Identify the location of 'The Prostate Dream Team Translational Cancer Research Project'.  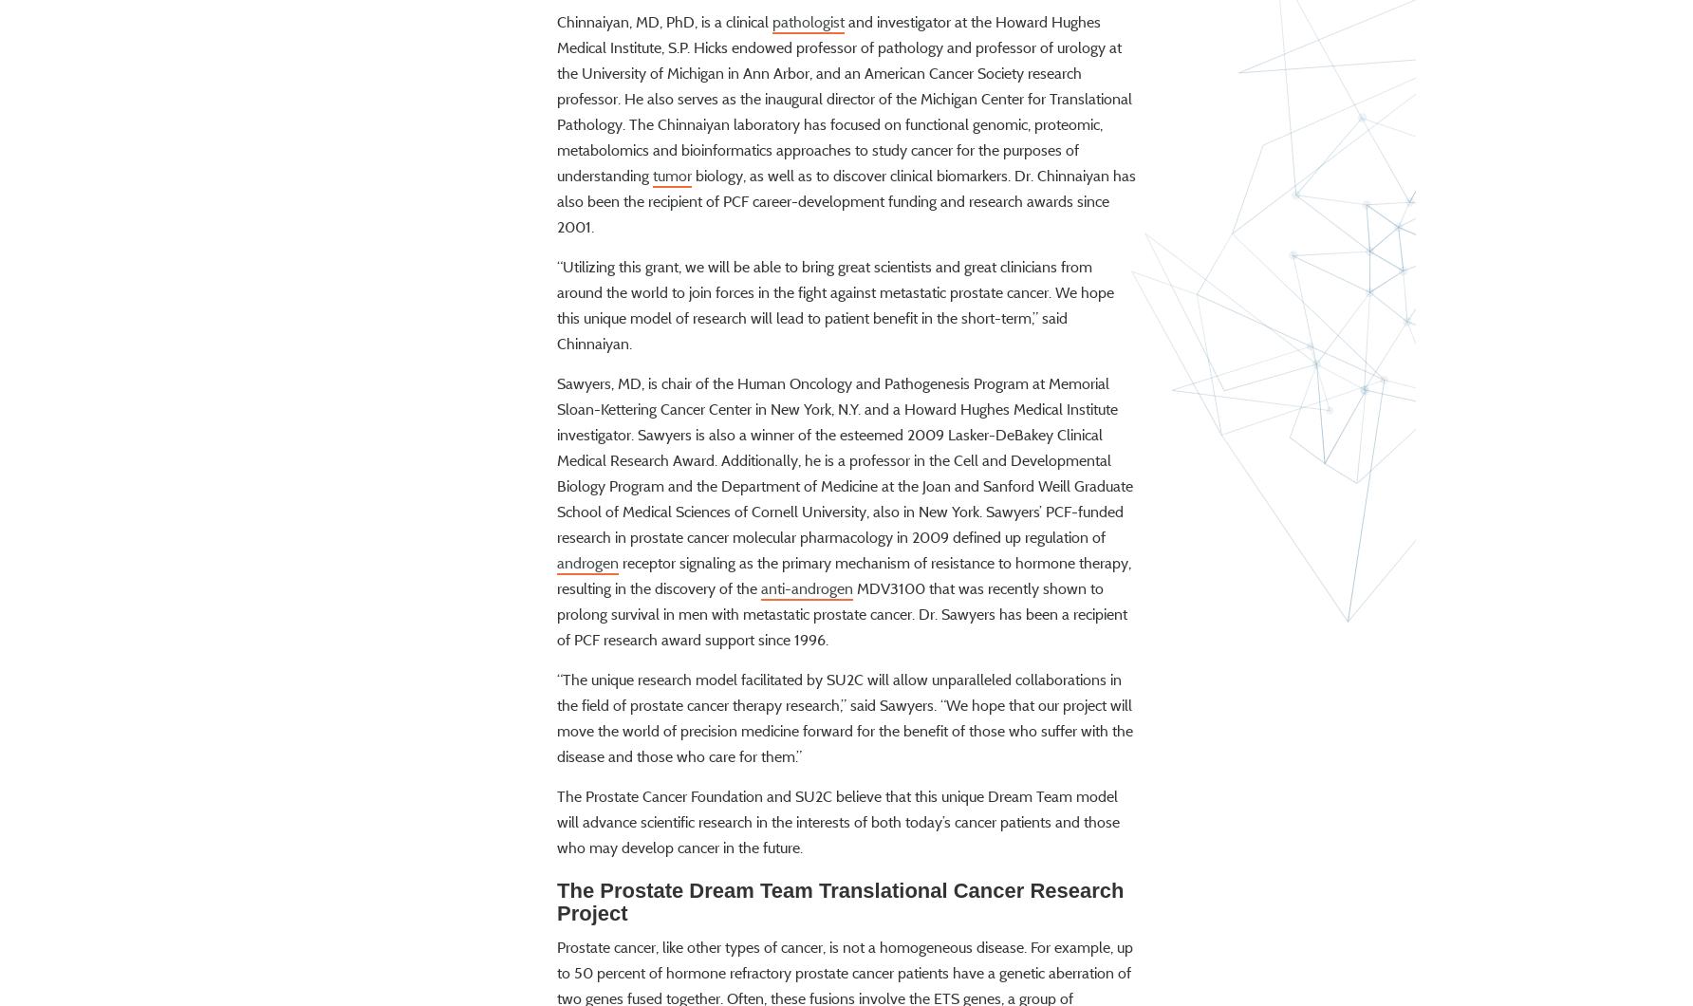
(555, 955).